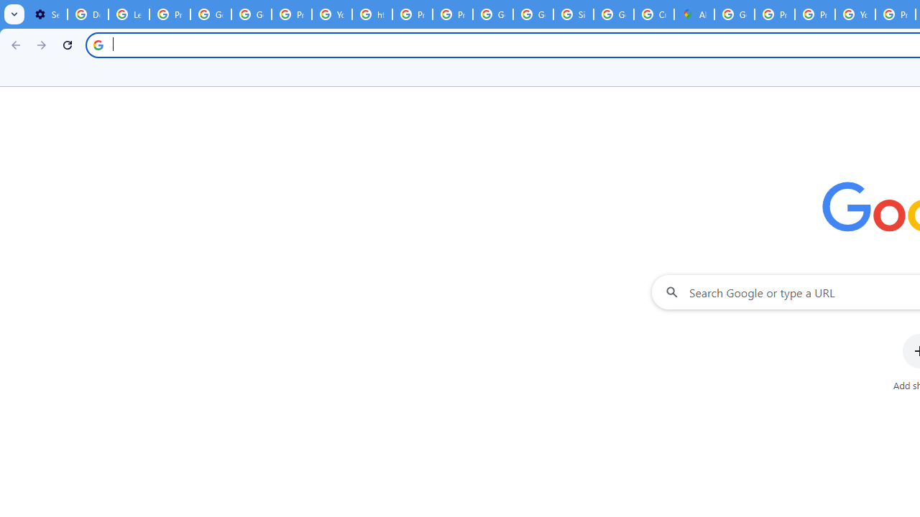  Describe the element at coordinates (87, 14) in the screenshot. I see `'Delete photos & videos - Computer - Google Photos Help'` at that location.